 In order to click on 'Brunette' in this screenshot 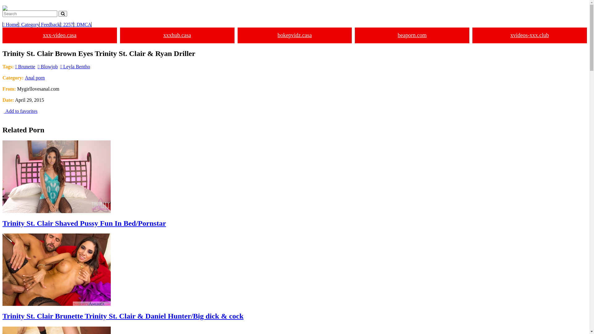, I will do `click(15, 66)`.